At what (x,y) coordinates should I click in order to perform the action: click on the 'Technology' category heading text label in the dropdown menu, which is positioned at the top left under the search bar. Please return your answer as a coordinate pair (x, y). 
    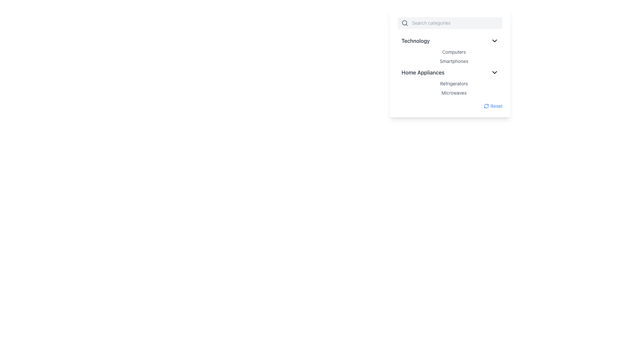
    Looking at the image, I should click on (415, 41).